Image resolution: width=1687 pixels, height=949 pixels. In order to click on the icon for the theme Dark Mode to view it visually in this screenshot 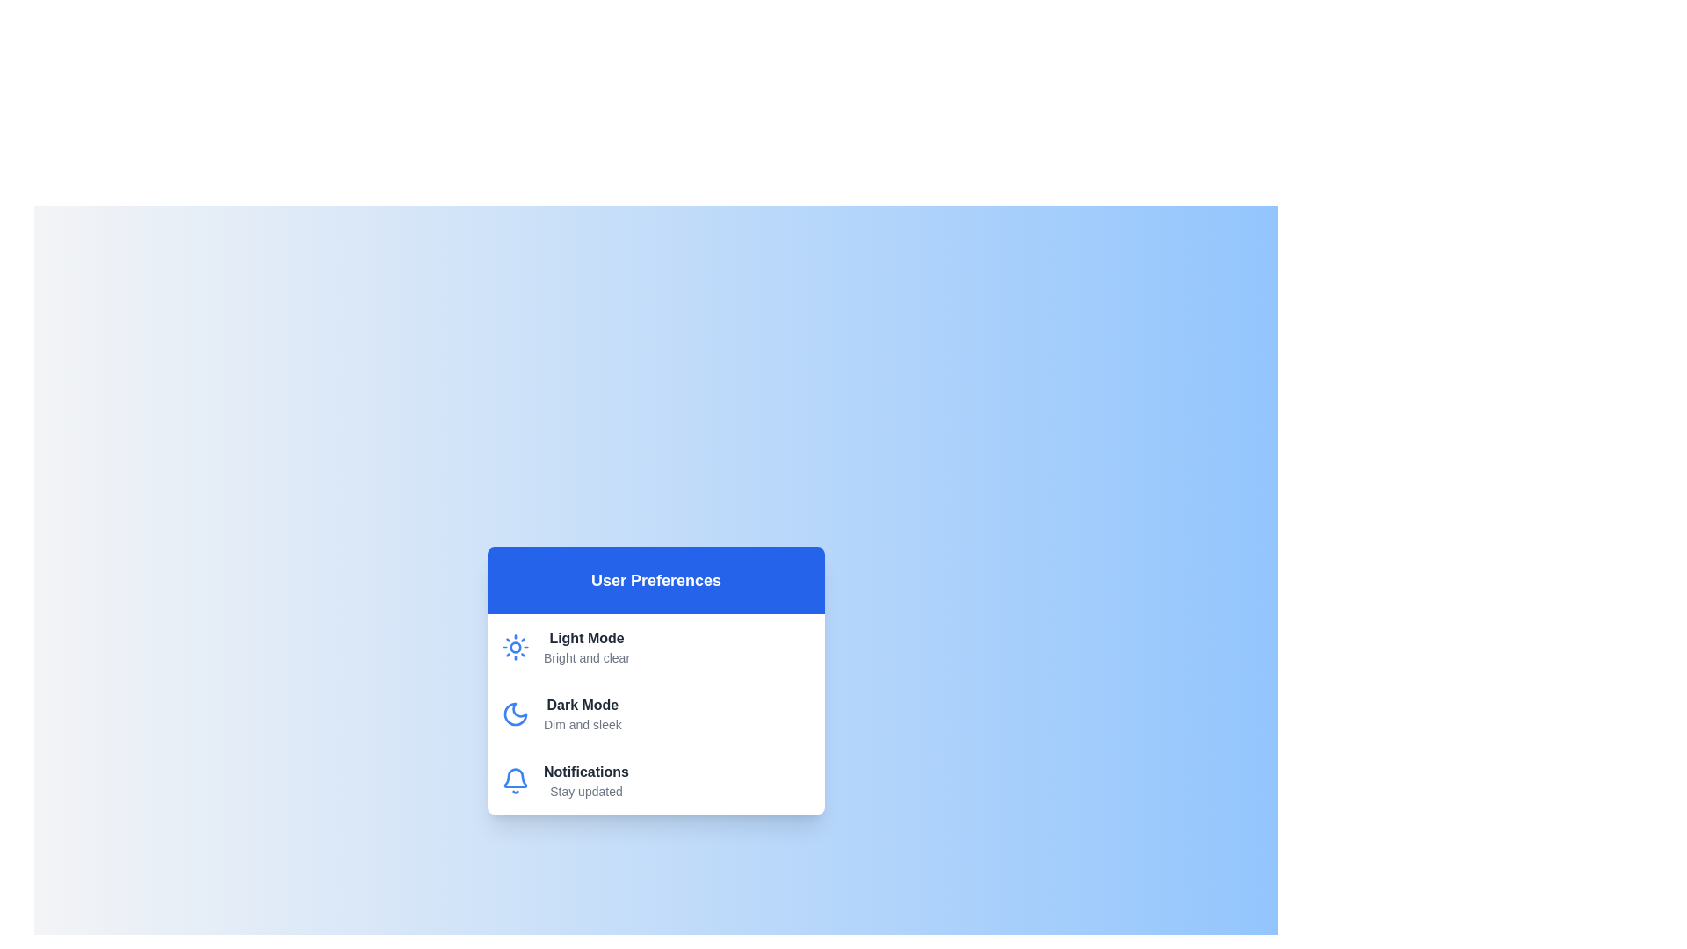, I will do `click(514, 714)`.